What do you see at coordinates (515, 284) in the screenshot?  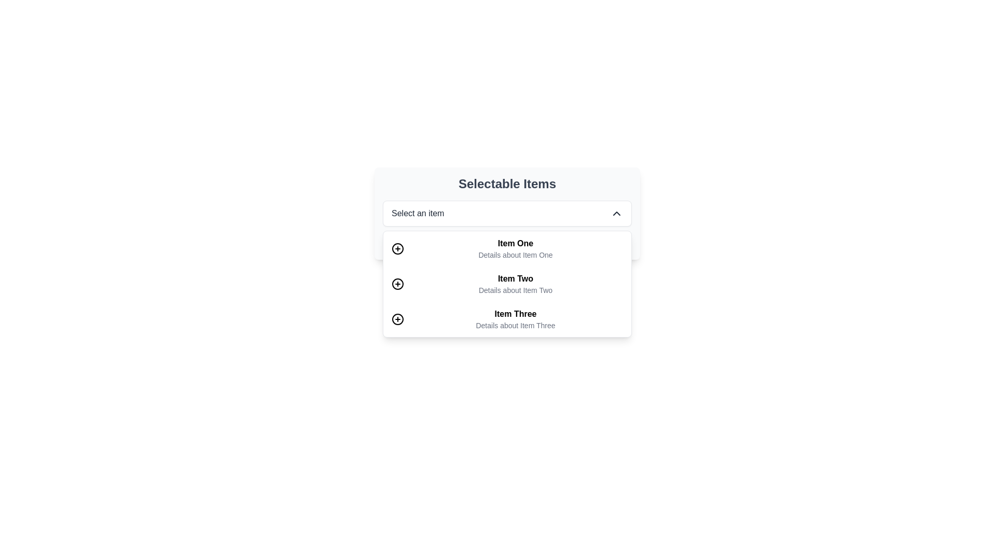 I see `the list item titled 'Item Two'` at bounding box center [515, 284].